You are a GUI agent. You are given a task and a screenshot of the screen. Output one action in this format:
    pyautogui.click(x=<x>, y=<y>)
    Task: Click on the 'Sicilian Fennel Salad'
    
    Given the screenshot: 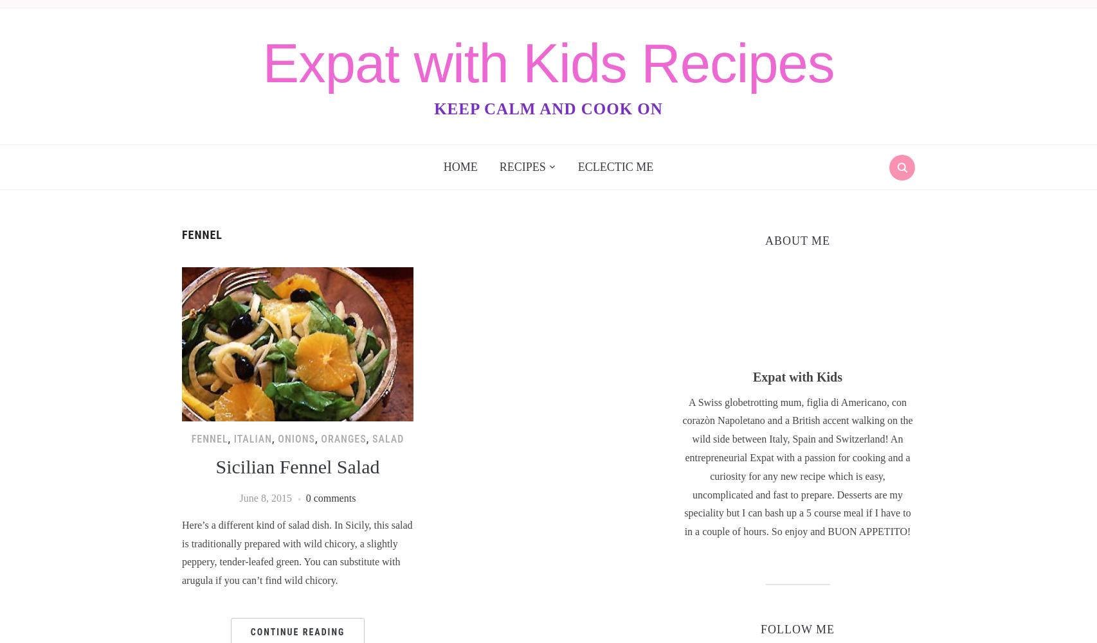 What is the action you would take?
    pyautogui.click(x=296, y=466)
    